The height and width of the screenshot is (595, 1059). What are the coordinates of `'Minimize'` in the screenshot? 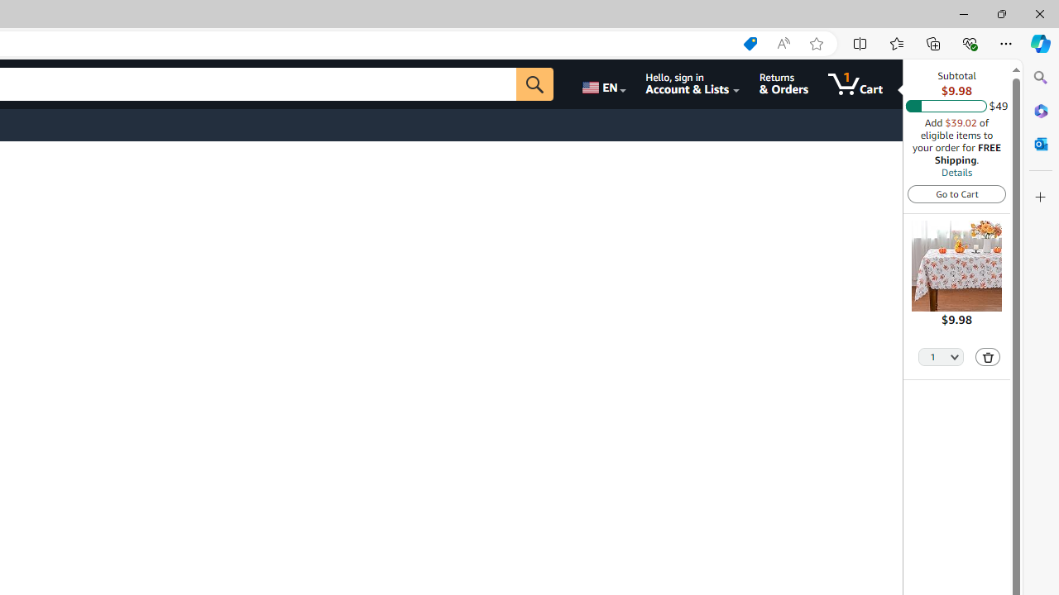 It's located at (963, 13).